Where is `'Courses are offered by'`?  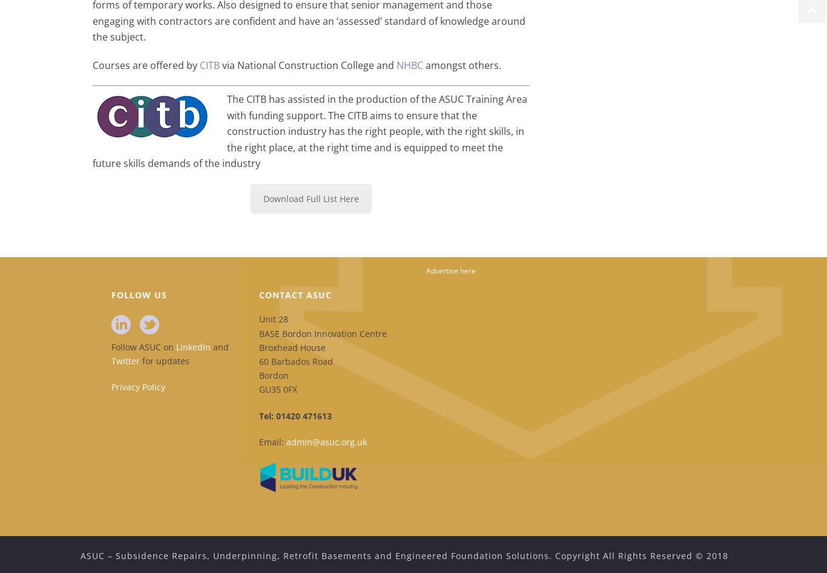 'Courses are offered by' is located at coordinates (146, 64).